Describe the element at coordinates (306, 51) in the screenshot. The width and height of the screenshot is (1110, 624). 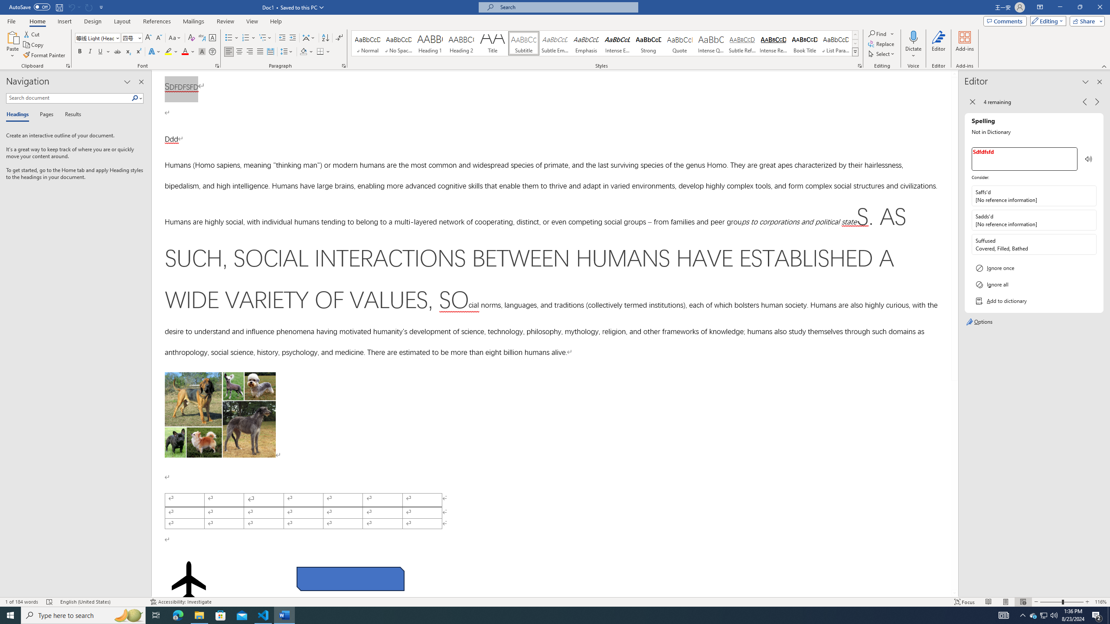
I see `'Shading'` at that location.